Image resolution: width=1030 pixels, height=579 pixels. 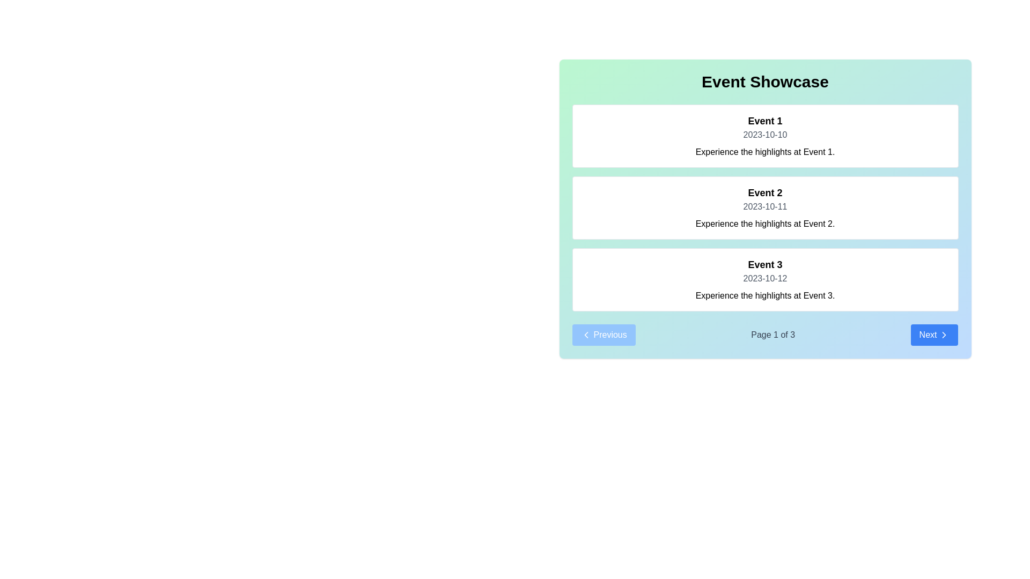 What do you see at coordinates (764, 278) in the screenshot?
I see `the date label displaying '2023-10-12' for 'Event 3' in the third card of the 'Event Showcase' vertical list` at bounding box center [764, 278].